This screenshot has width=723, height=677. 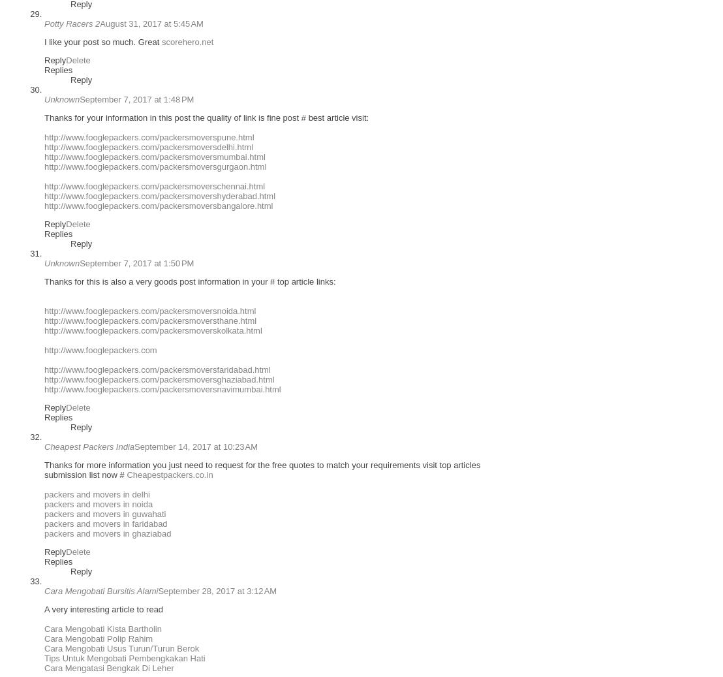 What do you see at coordinates (102, 609) in the screenshot?
I see `'A very interesting article to read'` at bounding box center [102, 609].